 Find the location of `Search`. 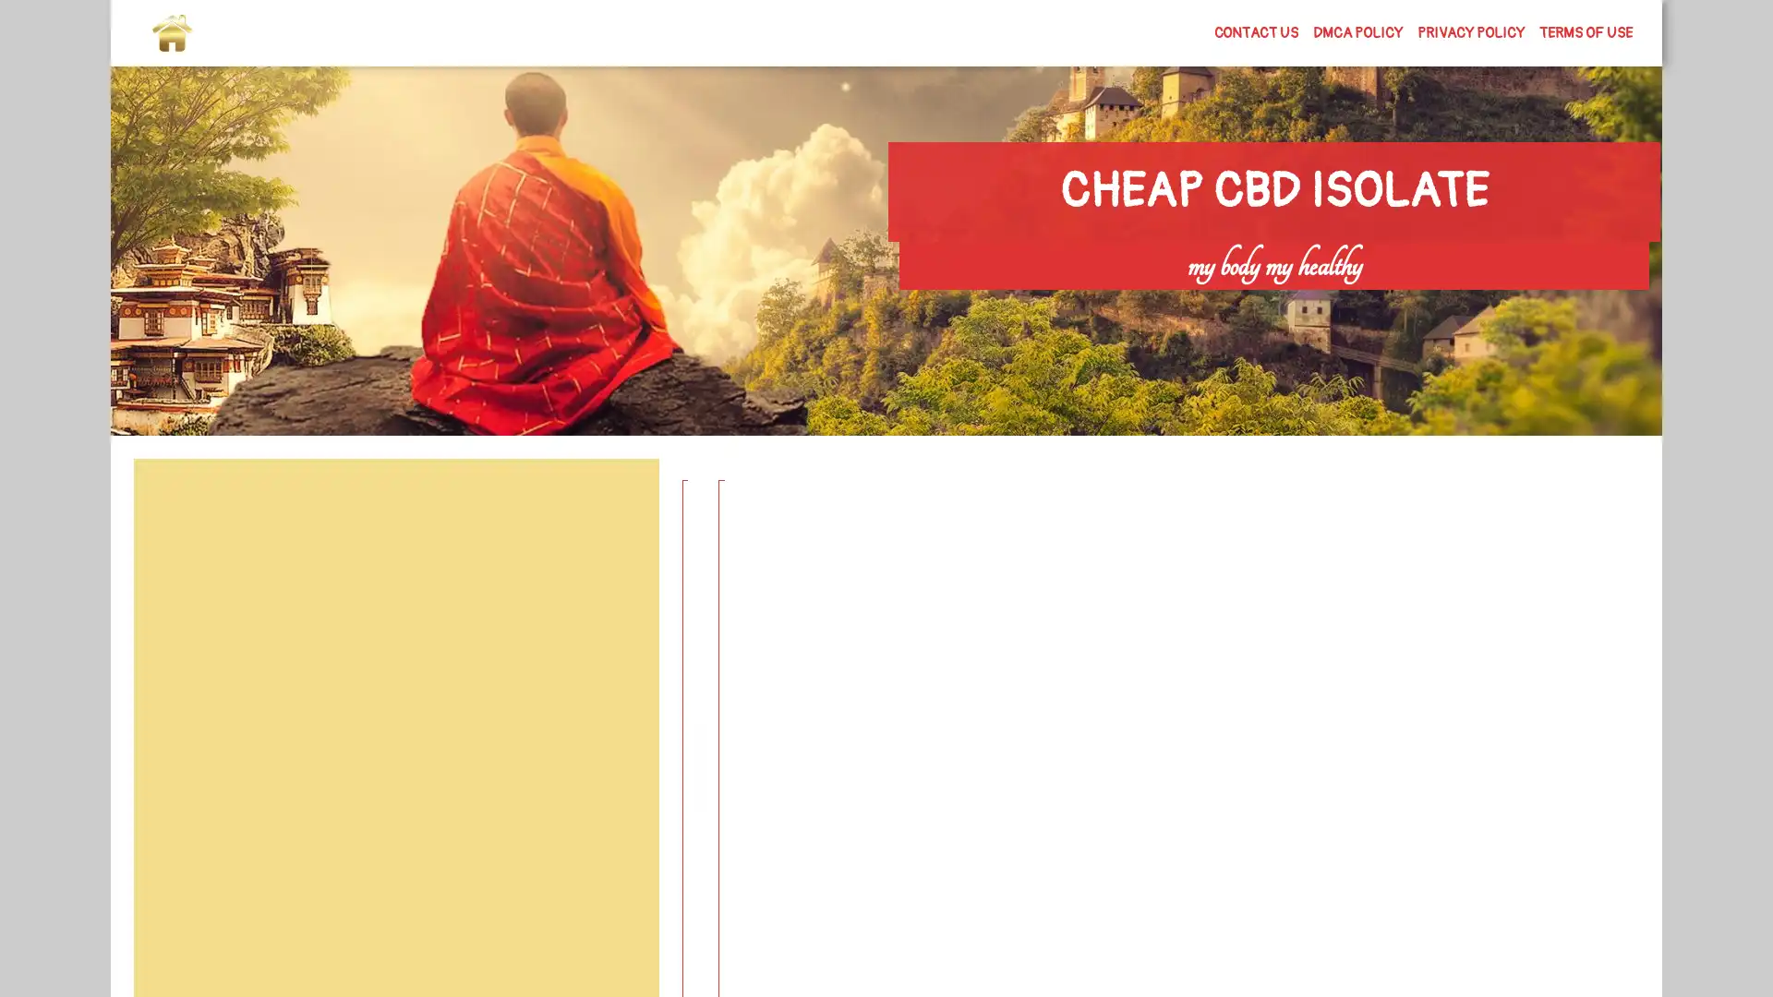

Search is located at coordinates (1438, 302).